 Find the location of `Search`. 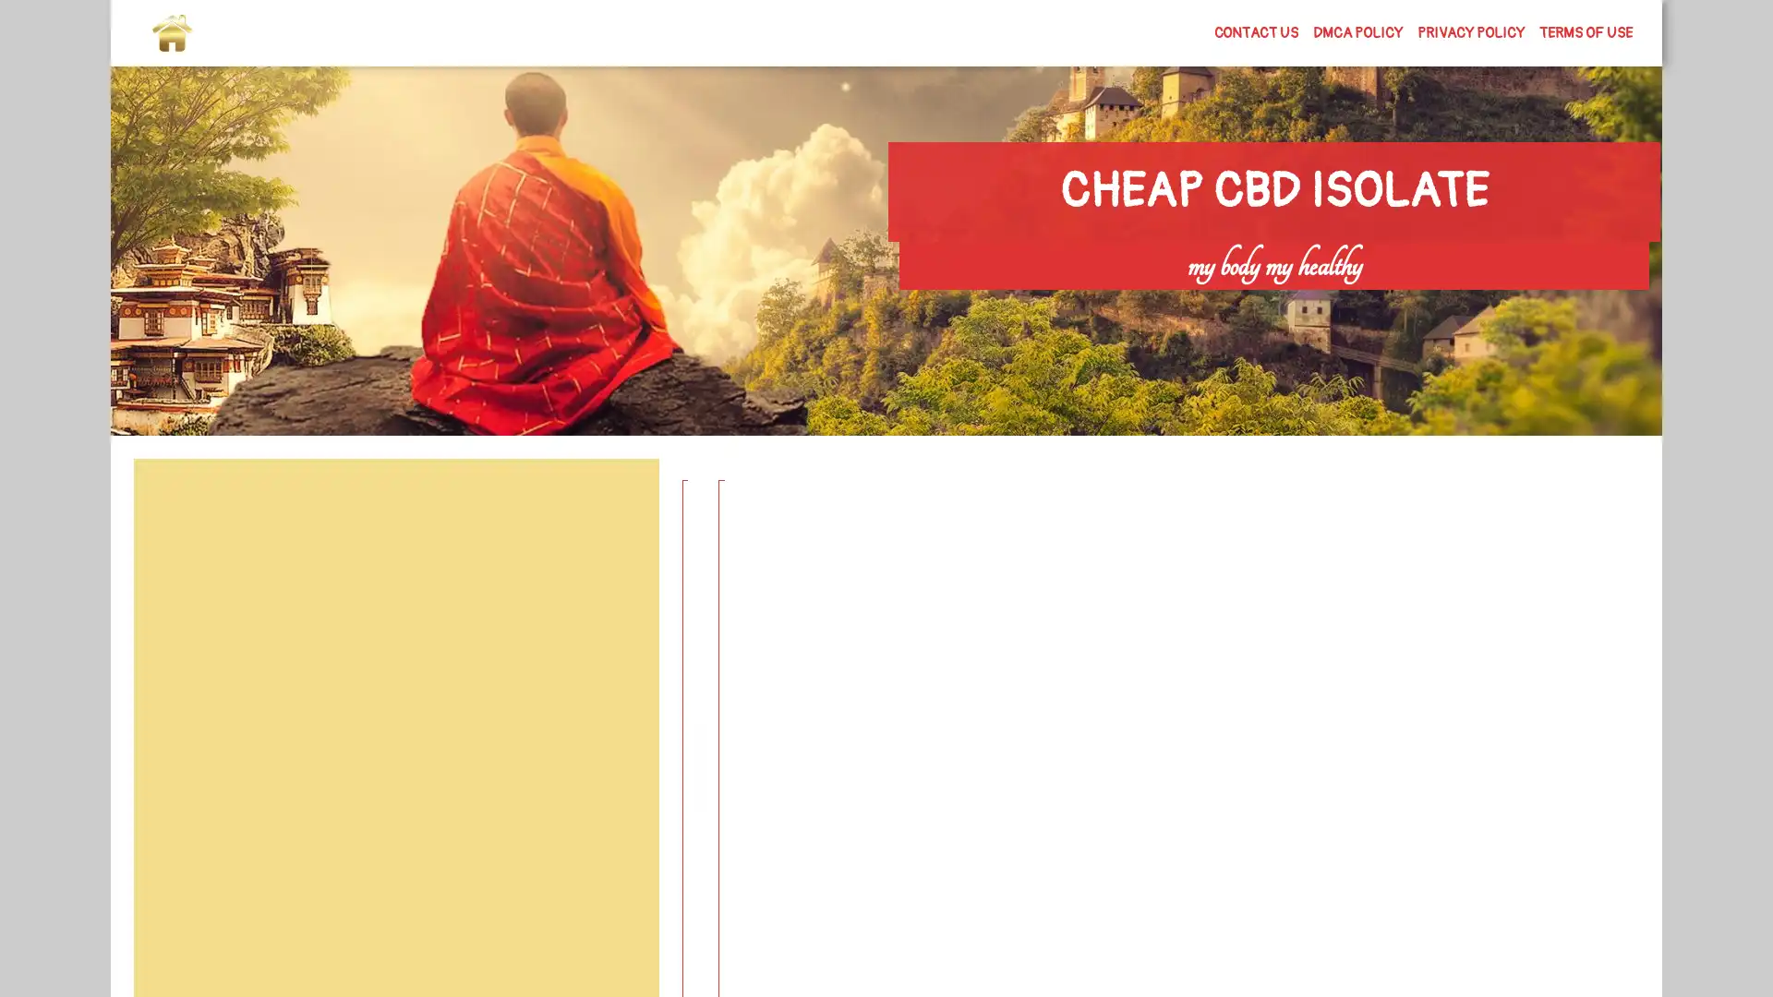

Search is located at coordinates (1438, 302).